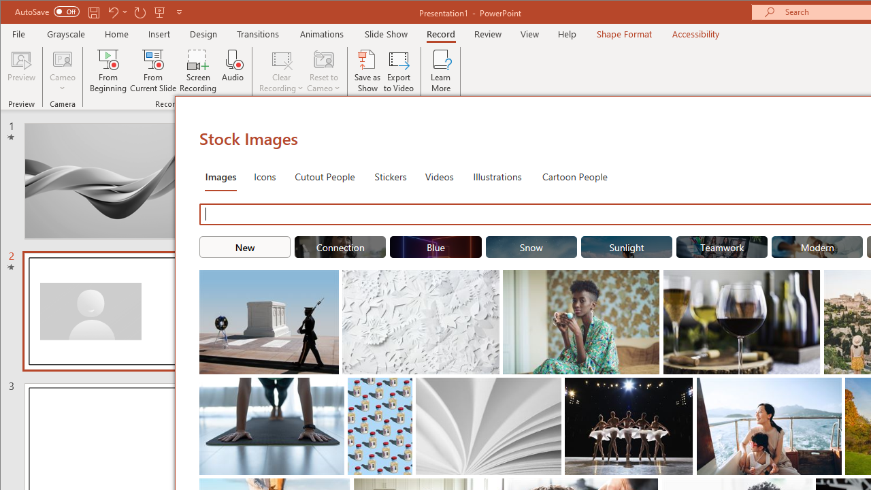 The width and height of the screenshot is (871, 490). Describe the element at coordinates (721, 246) in the screenshot. I see `'"Teamwork" Stock Images.'` at that location.